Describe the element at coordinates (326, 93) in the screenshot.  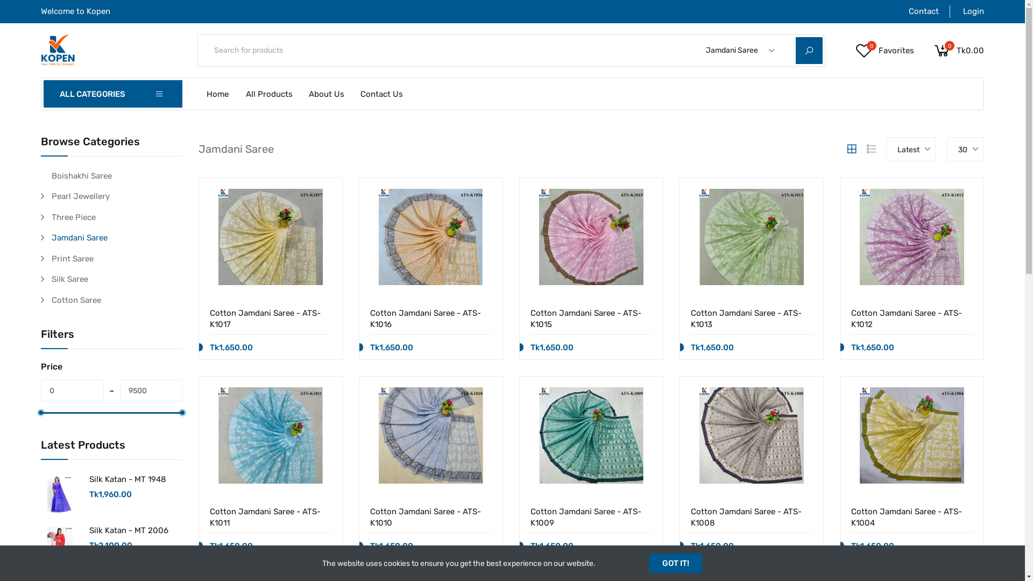
I see `'About Us'` at that location.